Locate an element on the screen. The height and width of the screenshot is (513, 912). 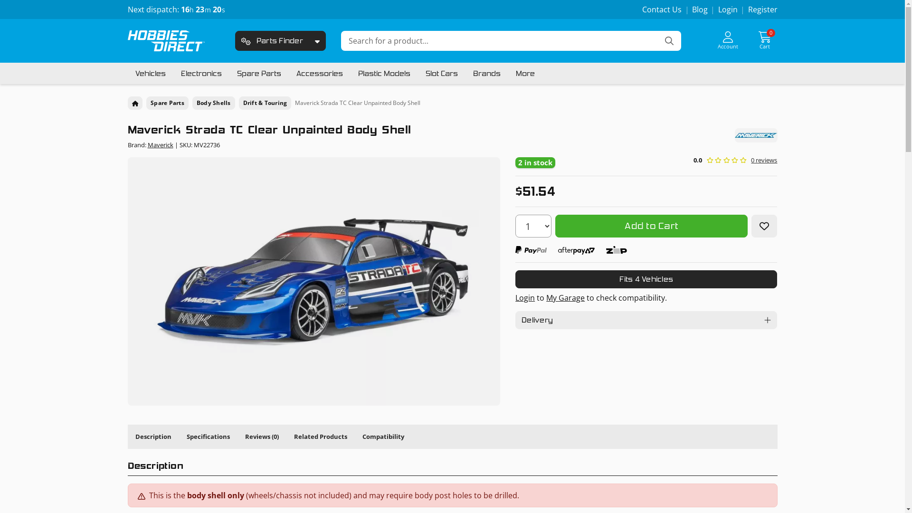
'Account' is located at coordinates (727, 40).